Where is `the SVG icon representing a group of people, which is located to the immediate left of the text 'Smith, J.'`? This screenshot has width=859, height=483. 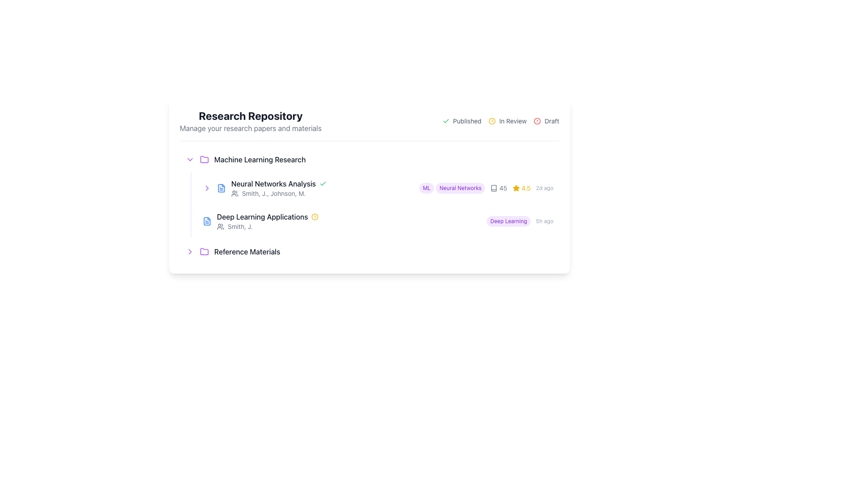
the SVG icon representing a group of people, which is located to the immediate left of the text 'Smith, J.' is located at coordinates (221, 226).